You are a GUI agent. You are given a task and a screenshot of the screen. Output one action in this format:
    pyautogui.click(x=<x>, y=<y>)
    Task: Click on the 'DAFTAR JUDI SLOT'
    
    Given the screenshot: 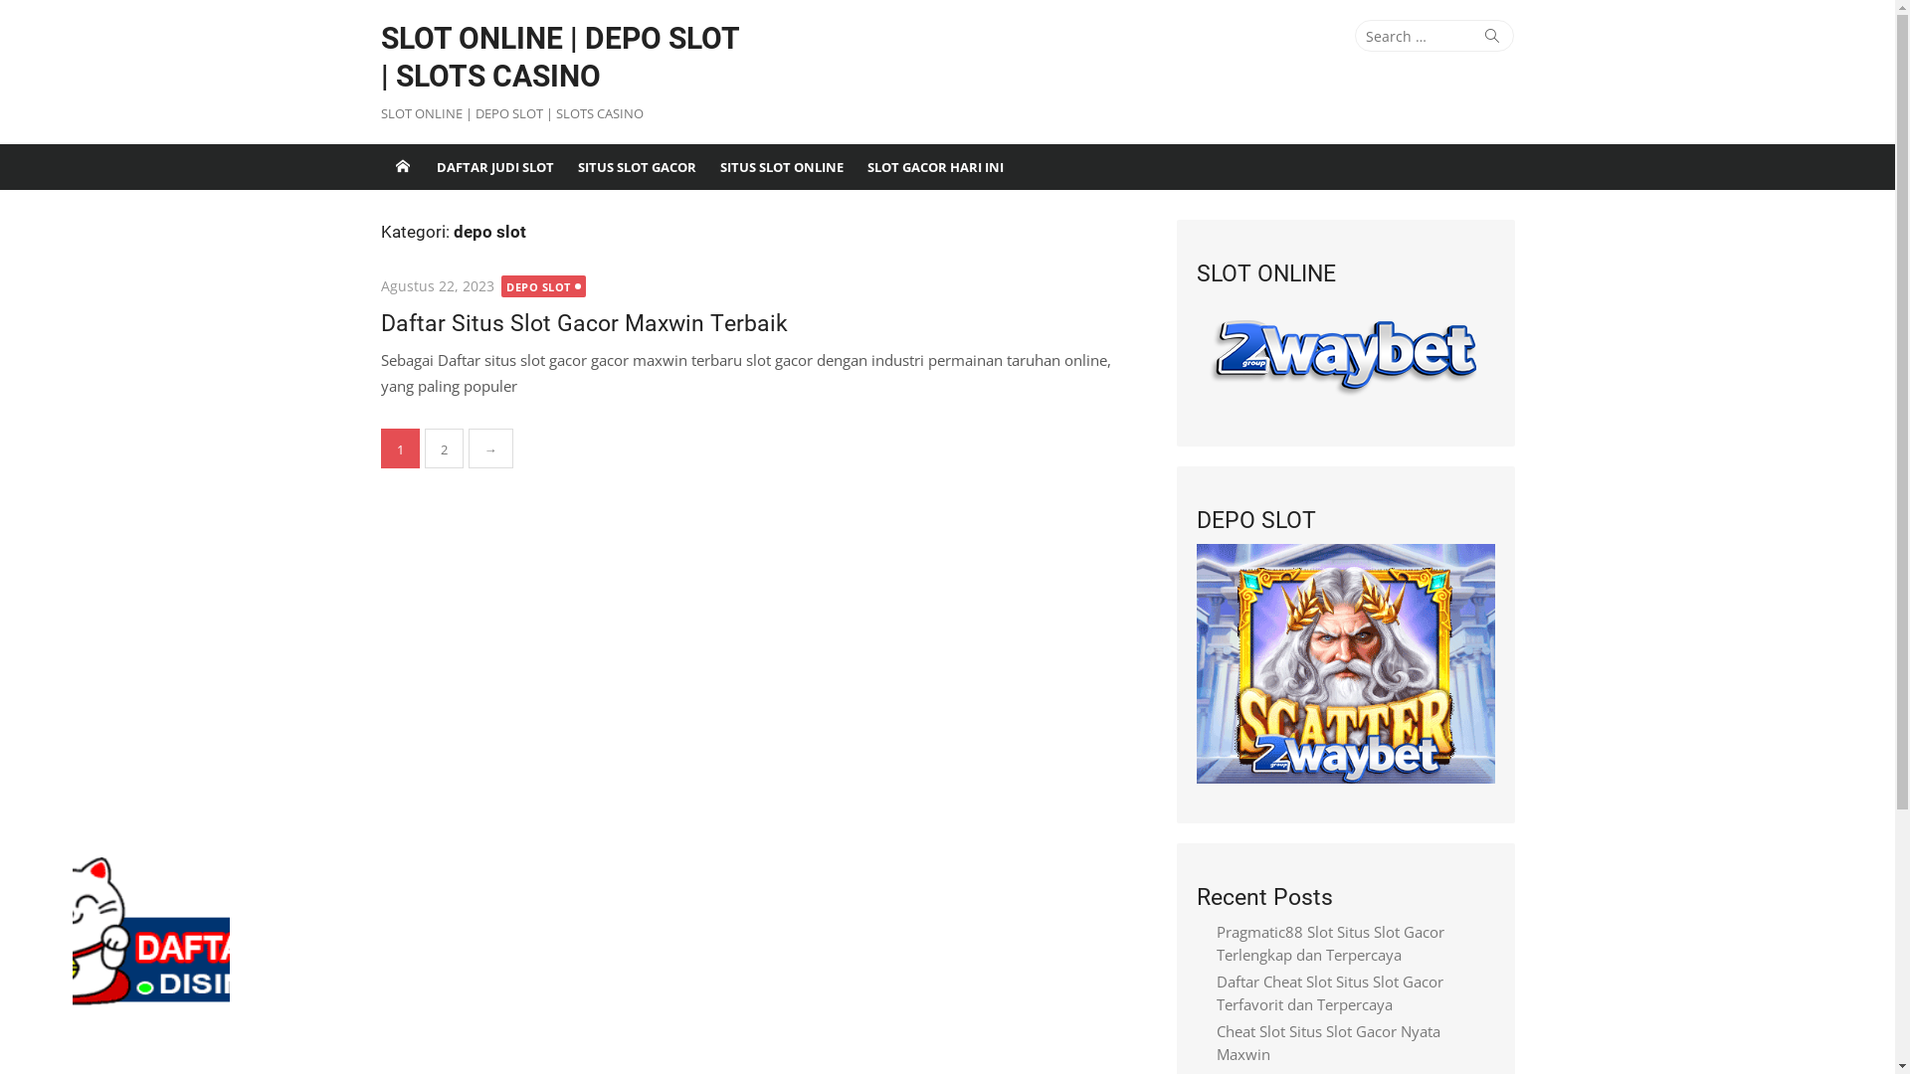 What is the action you would take?
    pyautogui.click(x=494, y=166)
    